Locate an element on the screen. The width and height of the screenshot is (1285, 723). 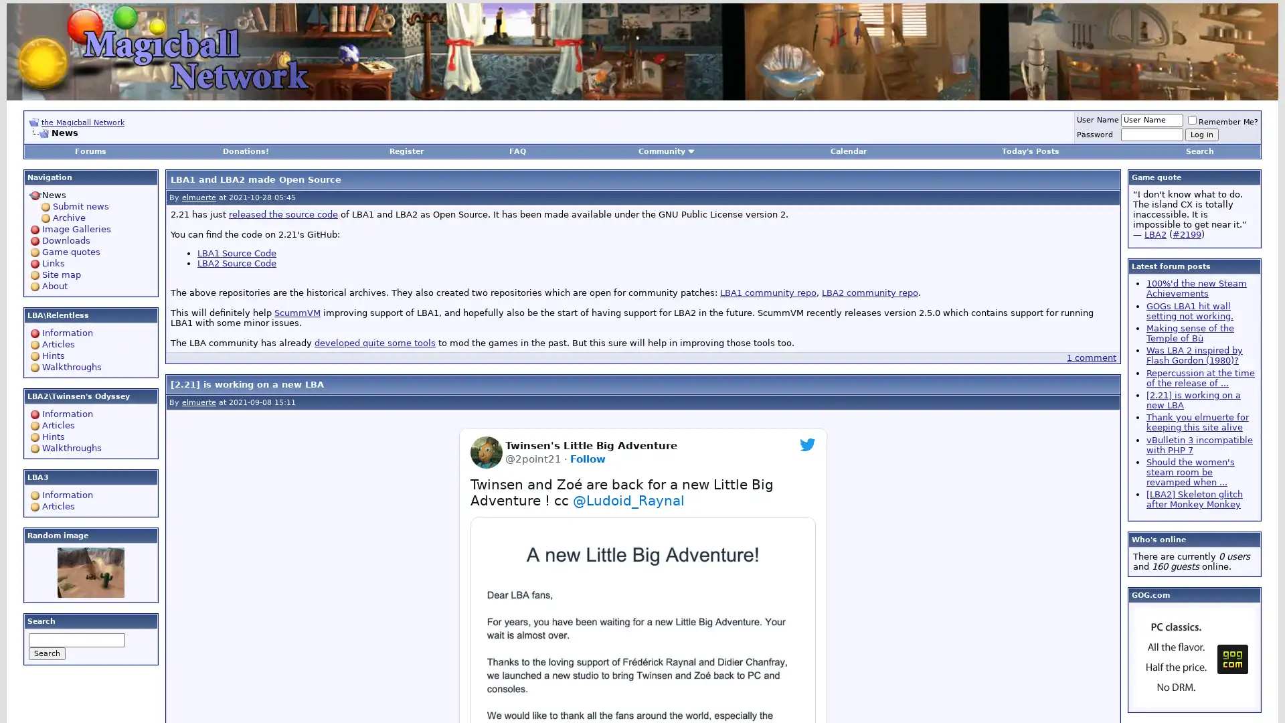
Search is located at coordinates (47, 653).